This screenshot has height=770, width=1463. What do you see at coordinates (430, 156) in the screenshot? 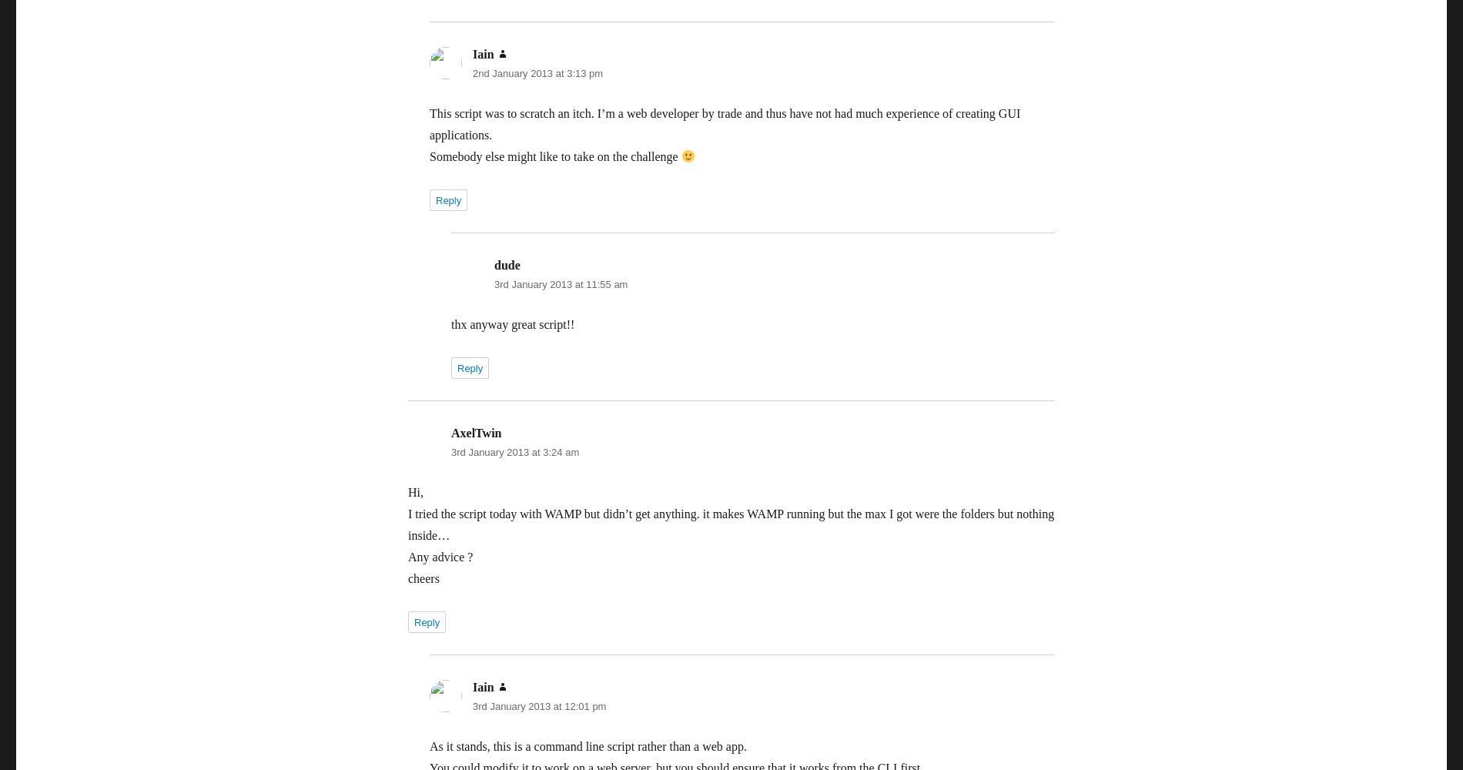
I see `'Somebody else might like to take on the challenge'` at bounding box center [430, 156].